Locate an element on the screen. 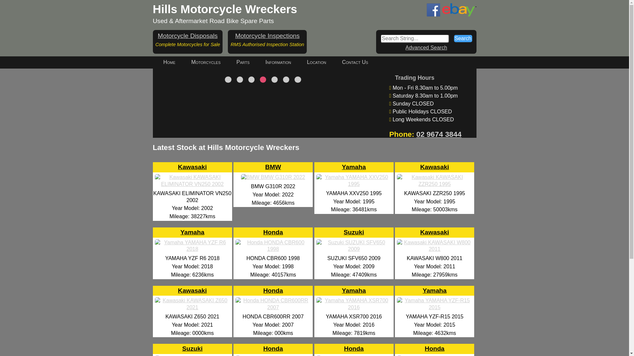  'Location' is located at coordinates (316, 62).